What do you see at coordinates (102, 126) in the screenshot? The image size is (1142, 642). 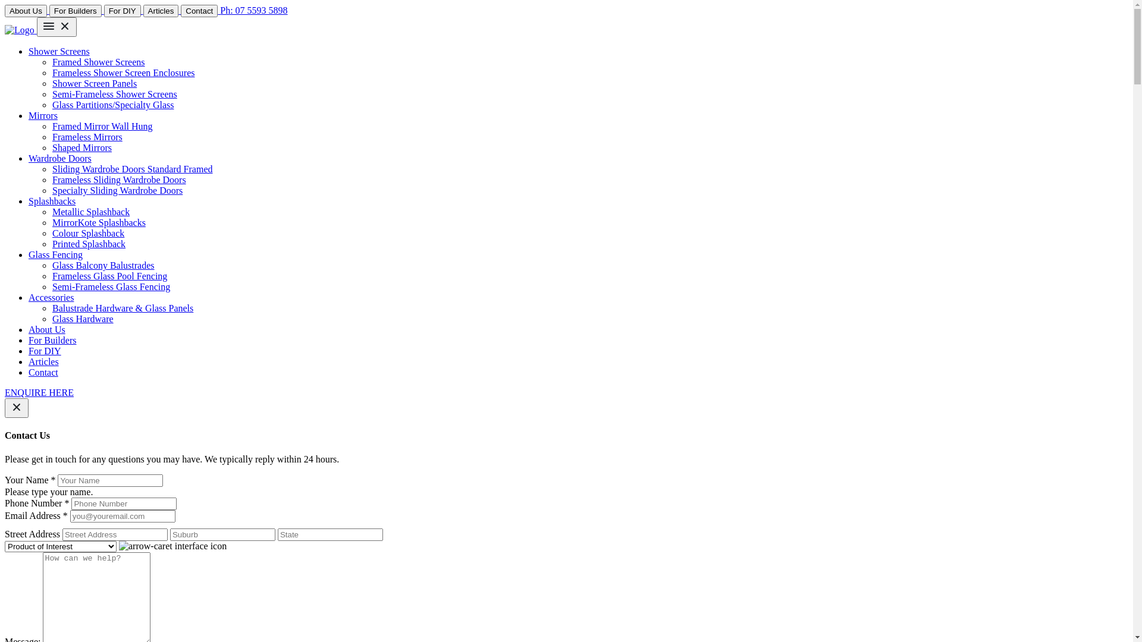 I see `'Framed Mirror Wall Hung'` at bounding box center [102, 126].